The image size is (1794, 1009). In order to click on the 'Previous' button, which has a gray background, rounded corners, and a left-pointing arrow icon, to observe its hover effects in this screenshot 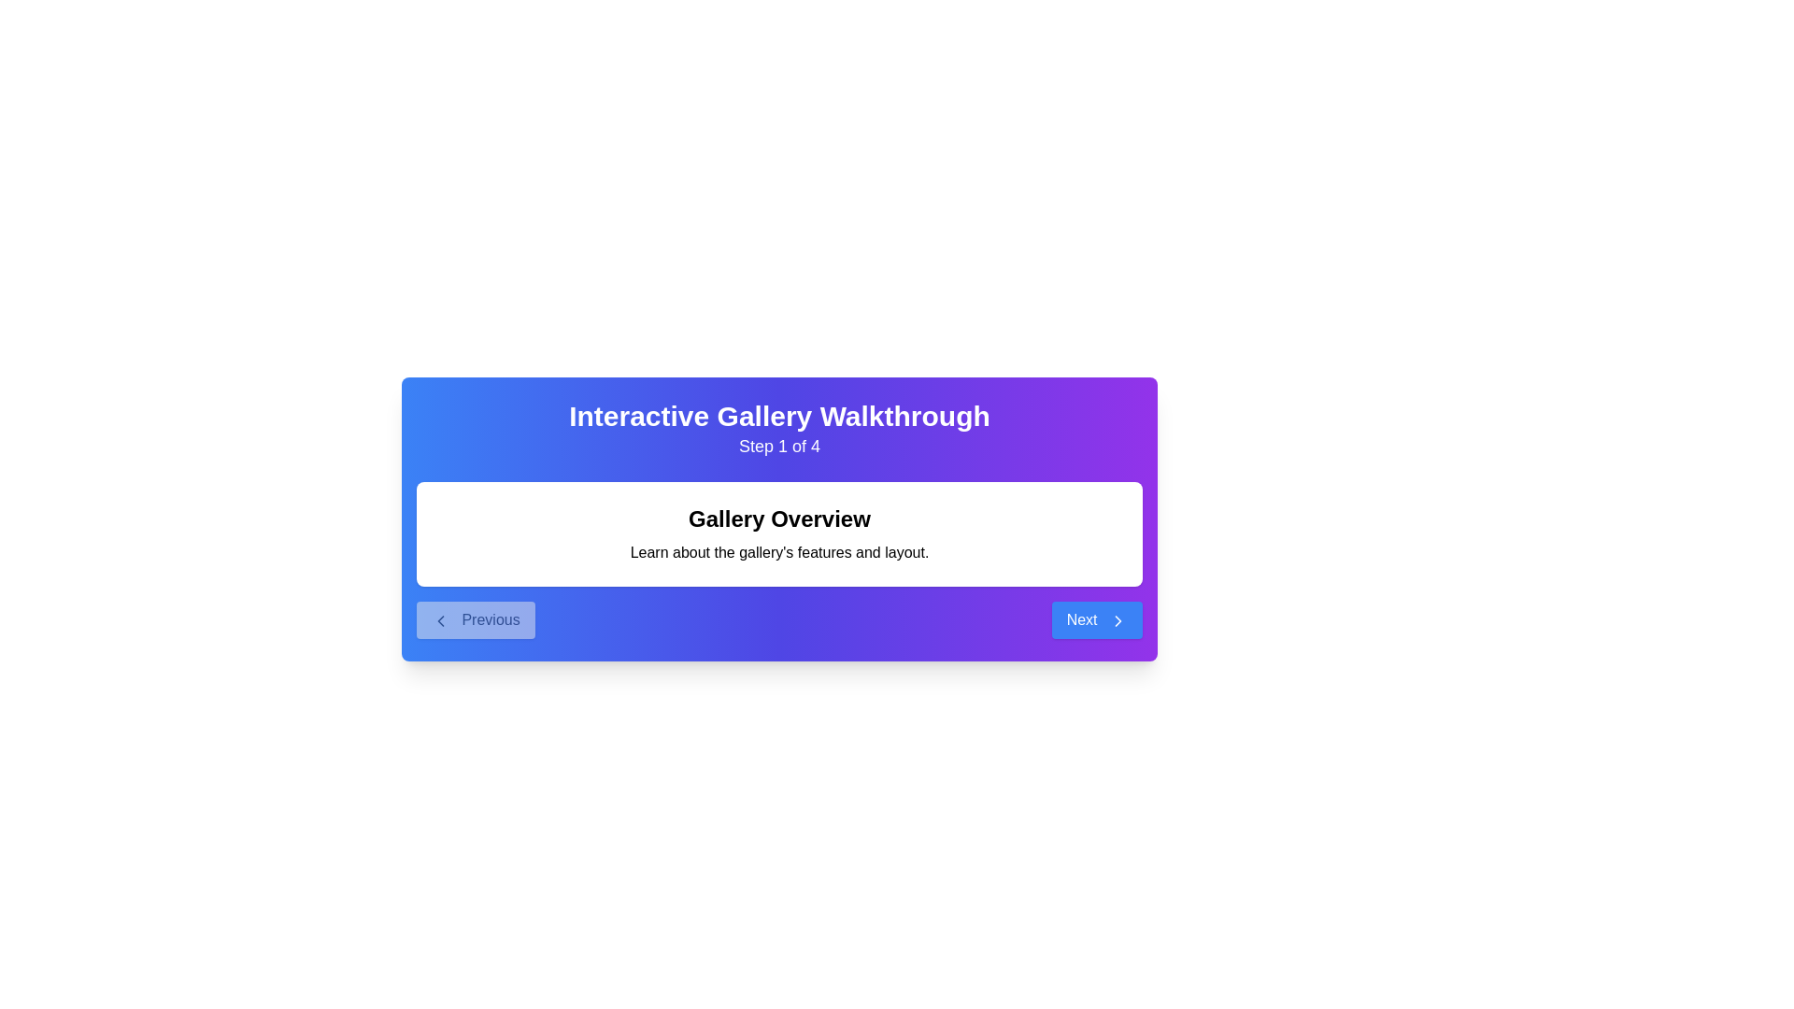, I will do `click(476, 619)`.